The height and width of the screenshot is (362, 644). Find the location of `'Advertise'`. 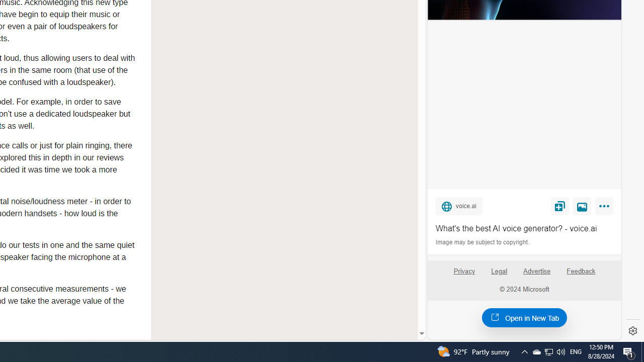

'Advertise' is located at coordinates (536, 275).